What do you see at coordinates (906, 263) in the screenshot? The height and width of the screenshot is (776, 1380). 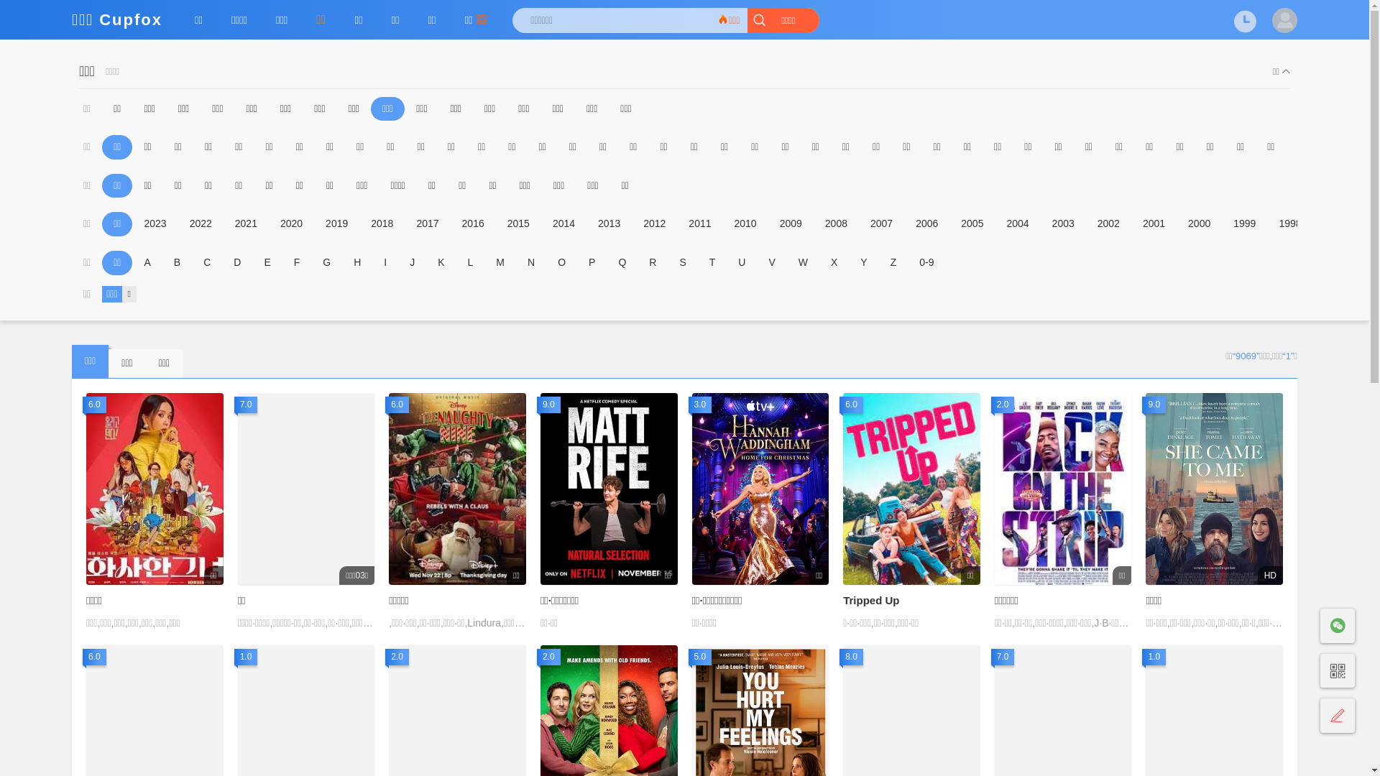 I see `'0-9'` at bounding box center [906, 263].